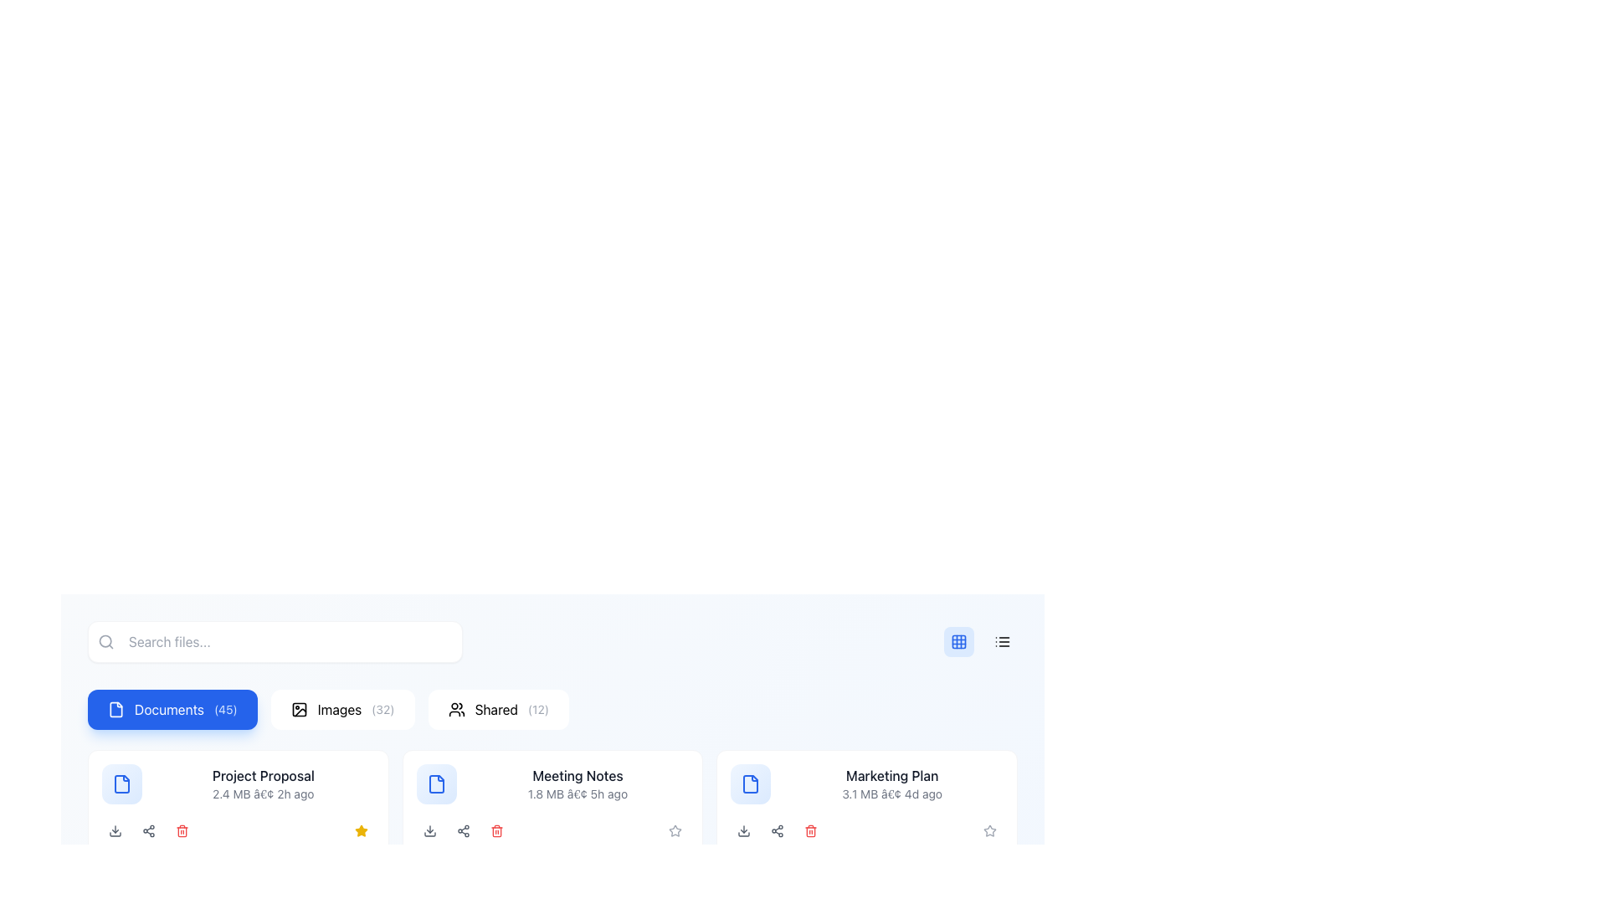  I want to click on the central grid cell of the 3x3 grid icon component, which is a filled rounded rectangle styled as a square, so click(959, 641).